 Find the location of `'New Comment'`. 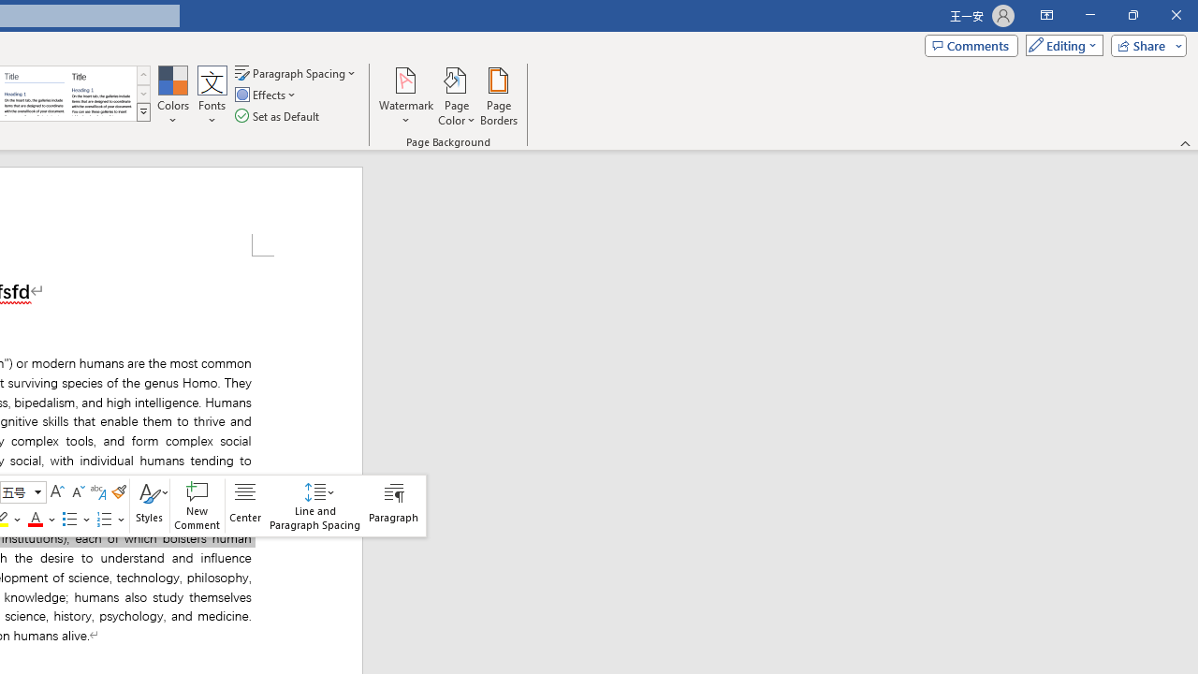

'New Comment' is located at coordinates (197, 505).